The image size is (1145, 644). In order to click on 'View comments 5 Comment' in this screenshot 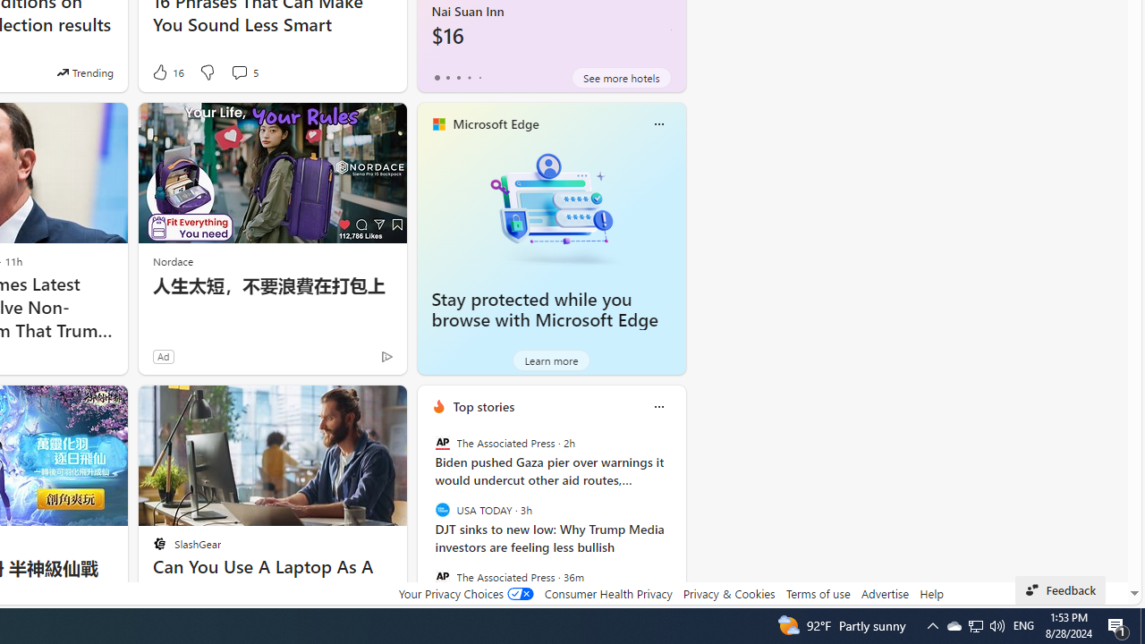, I will do `click(238, 72)`.